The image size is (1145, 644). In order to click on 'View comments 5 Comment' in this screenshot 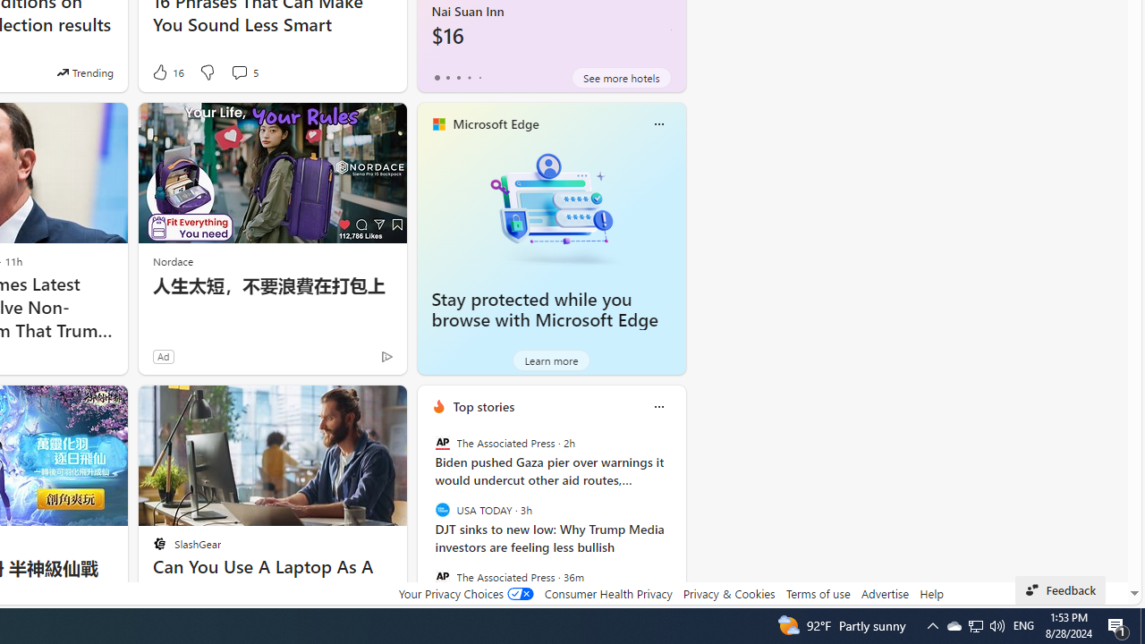, I will do `click(238, 72)`.